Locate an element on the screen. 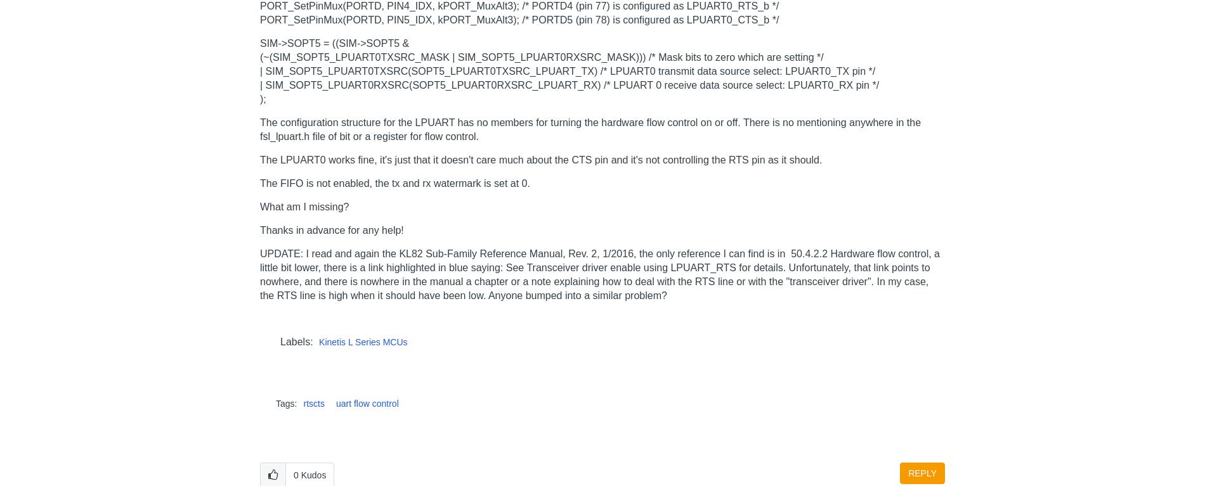 Image resolution: width=1205 pixels, height=486 pixels. 'Reply' is located at coordinates (922, 472).